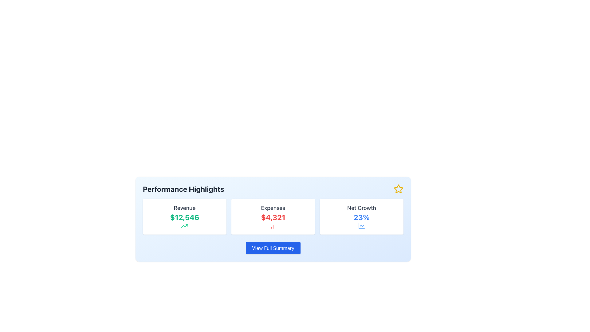 The height and width of the screenshot is (332, 590). Describe the element at coordinates (184, 208) in the screenshot. I see `the 'Revenue' label, which is displayed in a medium-sized gray font and is positioned on the upper part of a card containing revenue details` at that location.